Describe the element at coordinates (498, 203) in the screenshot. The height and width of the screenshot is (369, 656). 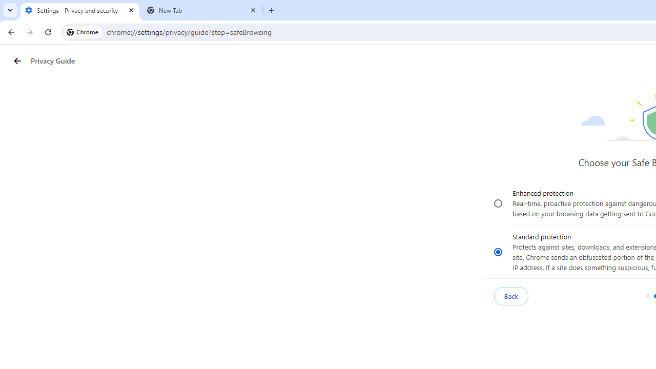
I see `'Enhanced protection'` at that location.